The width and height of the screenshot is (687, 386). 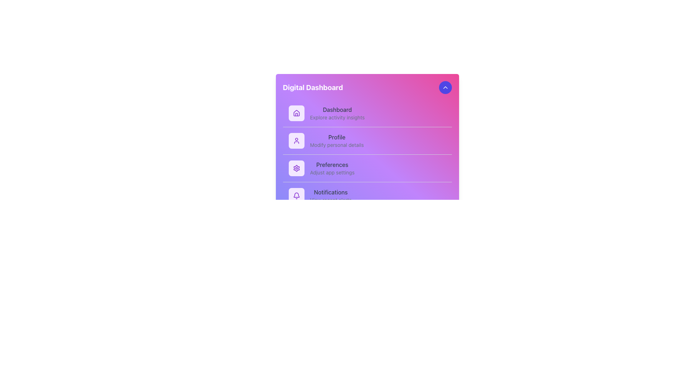 I want to click on the small gear icon on the left side of the 'Preferences' option in the Digital Dashboard interface, so click(x=296, y=168).